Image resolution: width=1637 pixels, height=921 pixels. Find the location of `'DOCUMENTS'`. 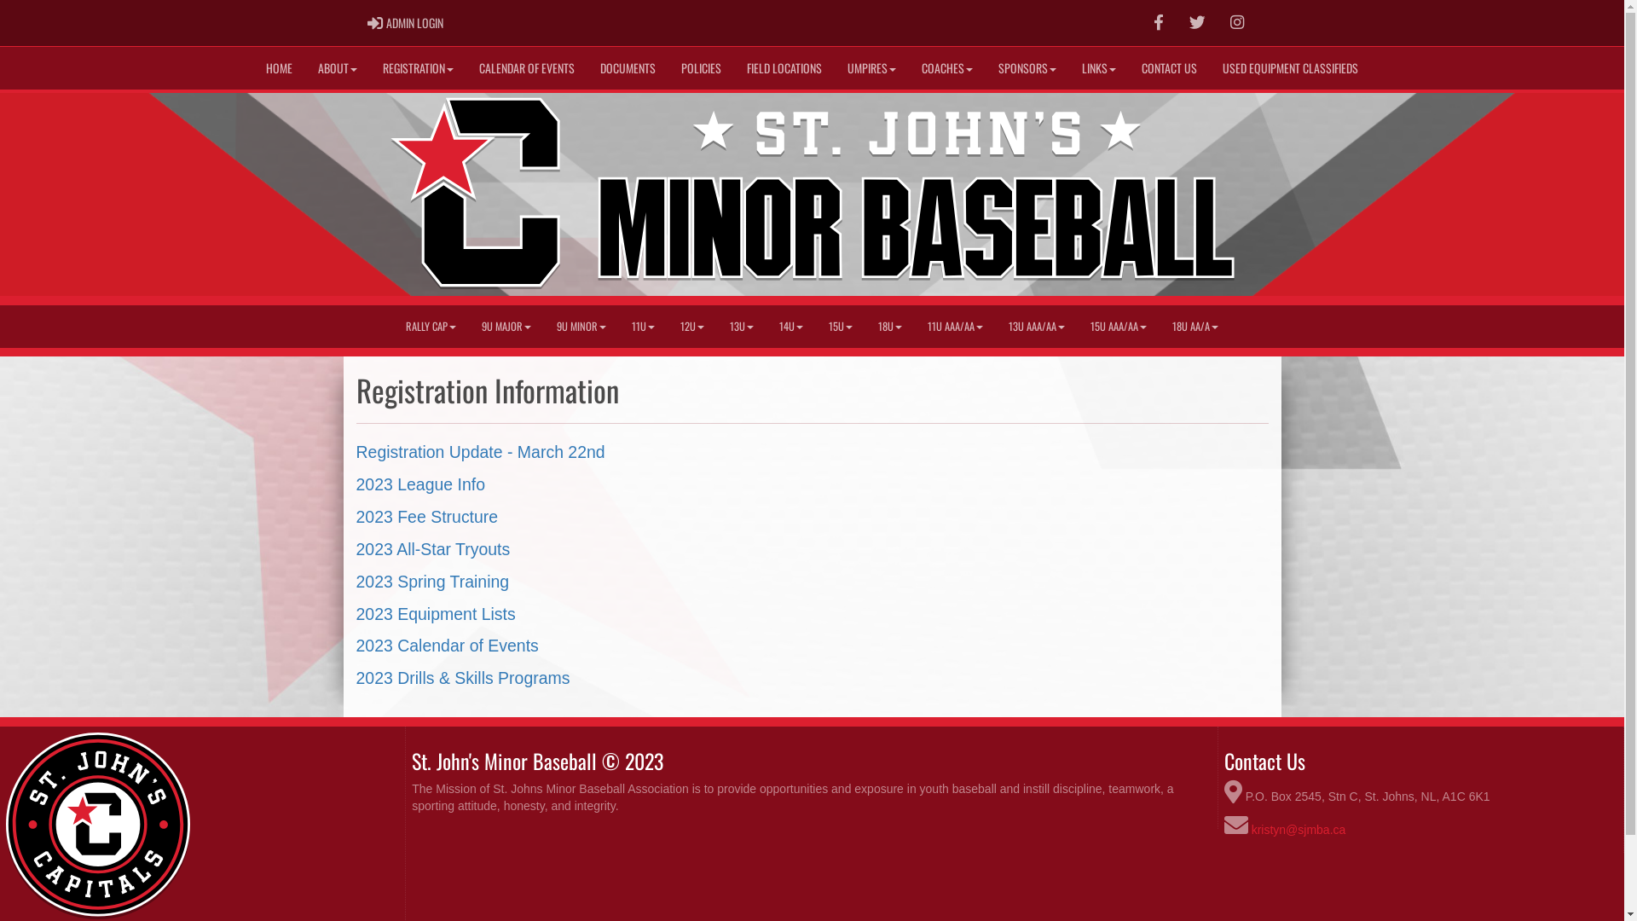

'DOCUMENTS' is located at coordinates (627, 67).